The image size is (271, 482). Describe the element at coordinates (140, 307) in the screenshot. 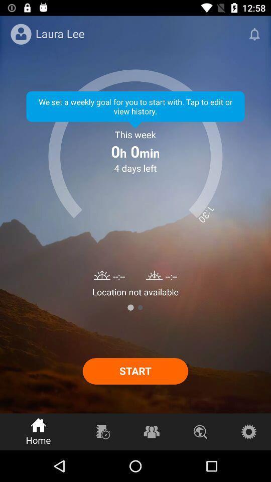

I see `item below the location not available item` at that location.